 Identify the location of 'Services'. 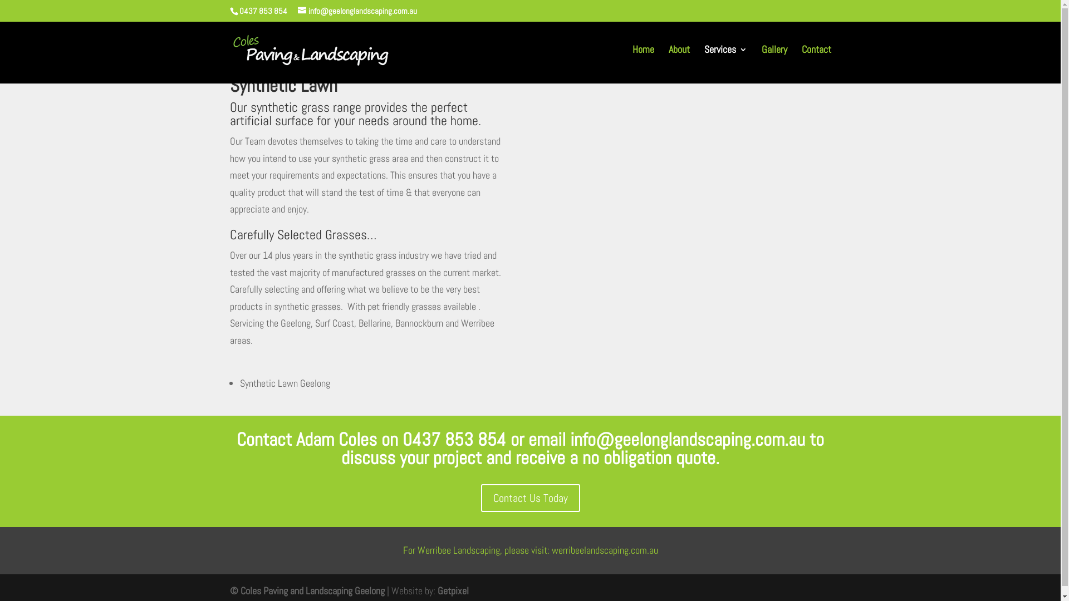
(725, 58).